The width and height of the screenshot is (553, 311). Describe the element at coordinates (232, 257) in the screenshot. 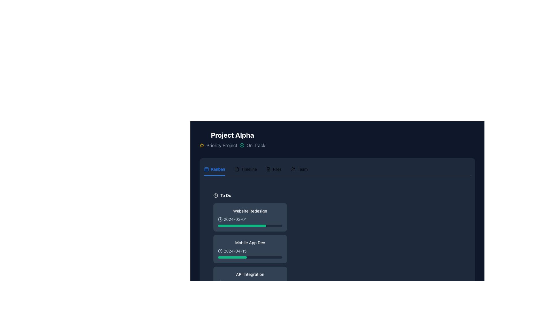

I see `the filled portion of the progress bar indicating the completion percentage of the 'Mobile App Dev' task` at that location.